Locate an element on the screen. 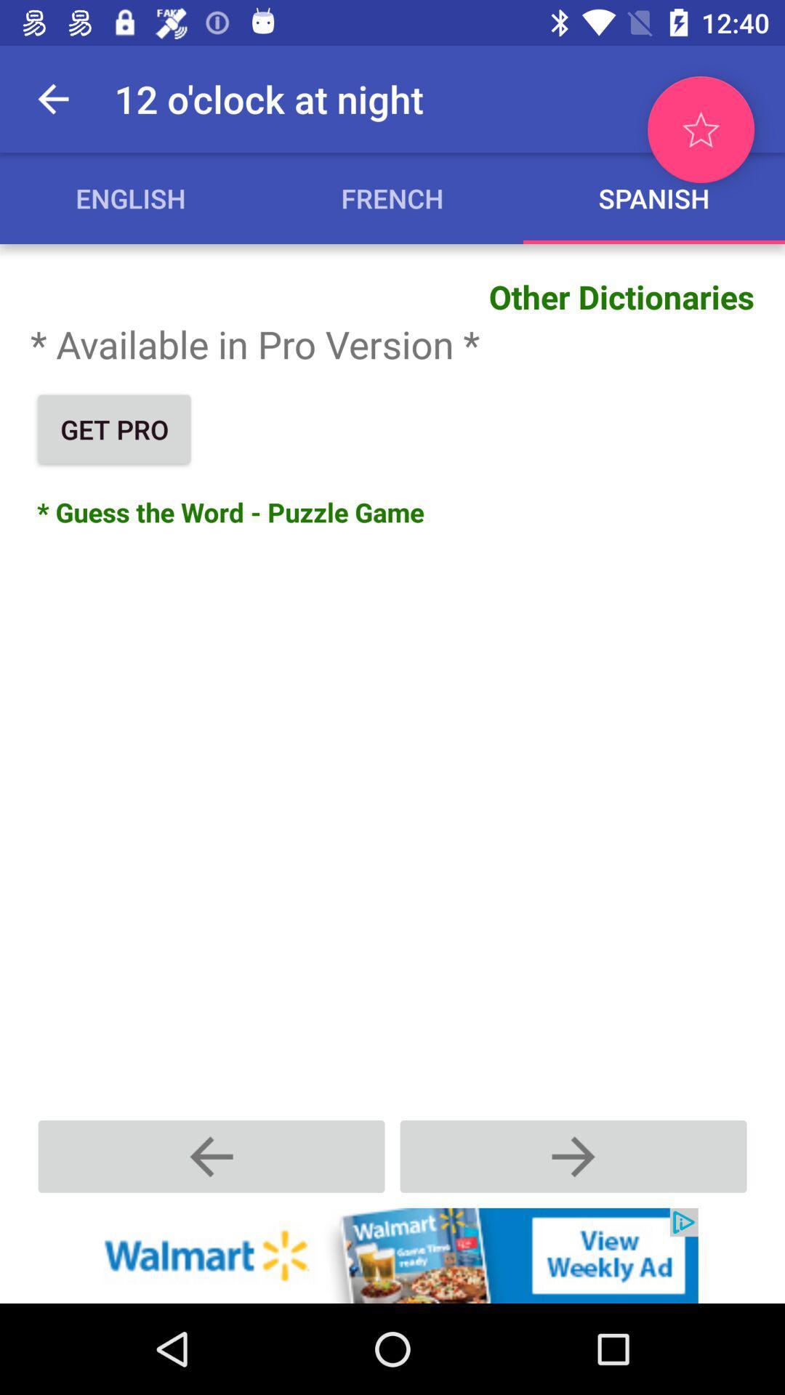 The image size is (785, 1395). the next page is located at coordinates (573, 1155).